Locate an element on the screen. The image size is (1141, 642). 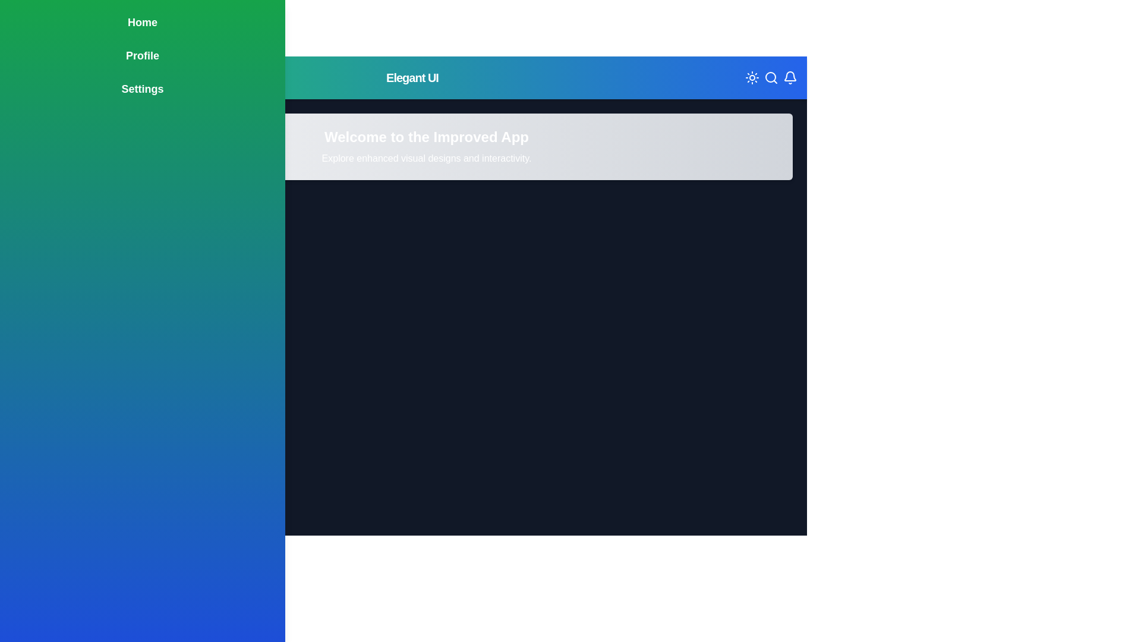
the menu item labeled Settings is located at coordinates (143, 89).